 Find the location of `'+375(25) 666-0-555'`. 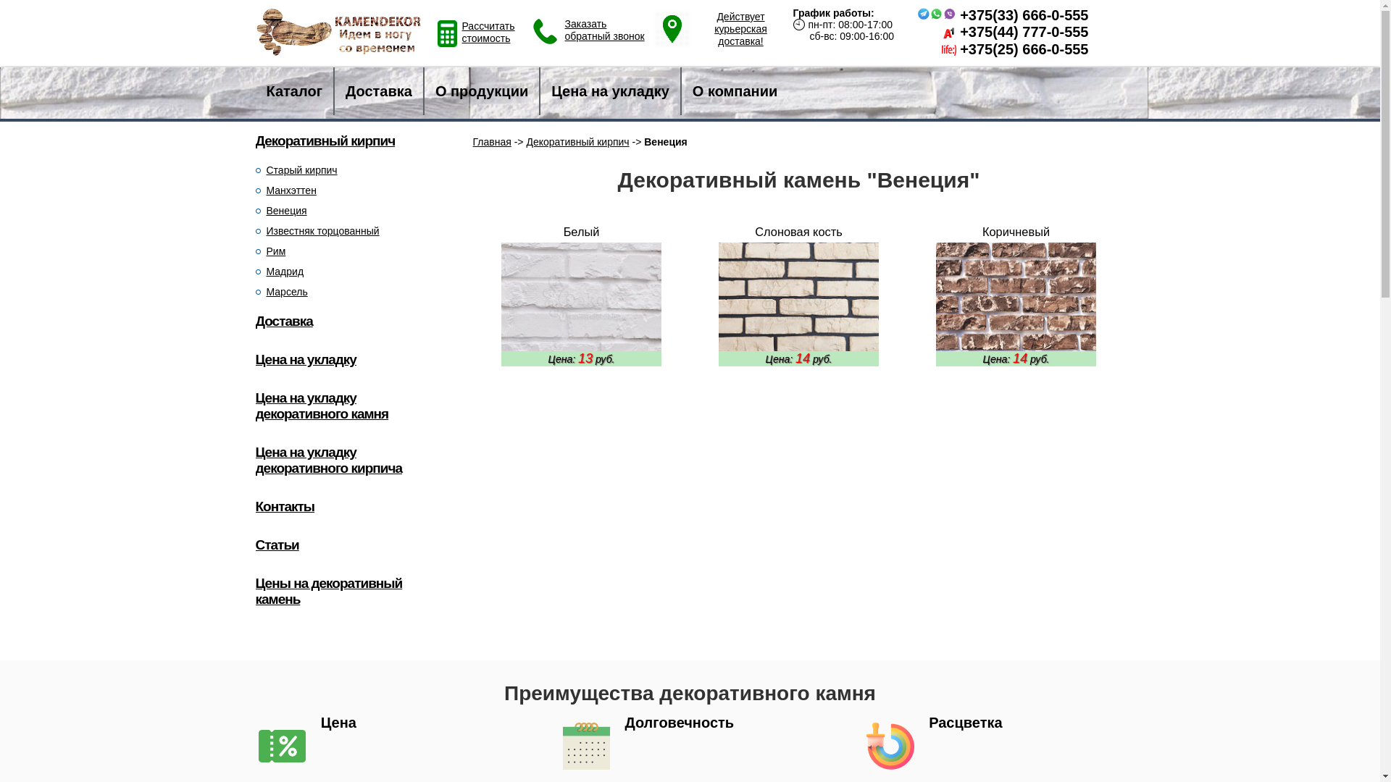

'+375(25) 666-0-555' is located at coordinates (959, 49).